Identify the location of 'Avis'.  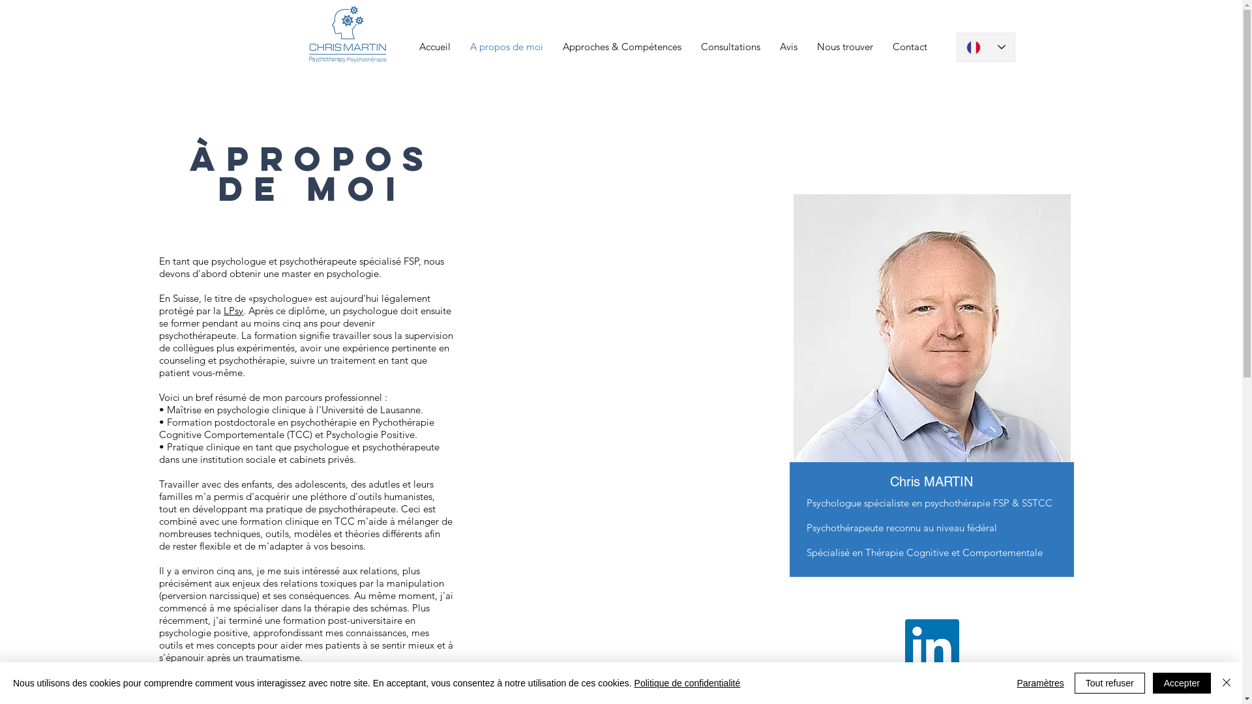
(787, 46).